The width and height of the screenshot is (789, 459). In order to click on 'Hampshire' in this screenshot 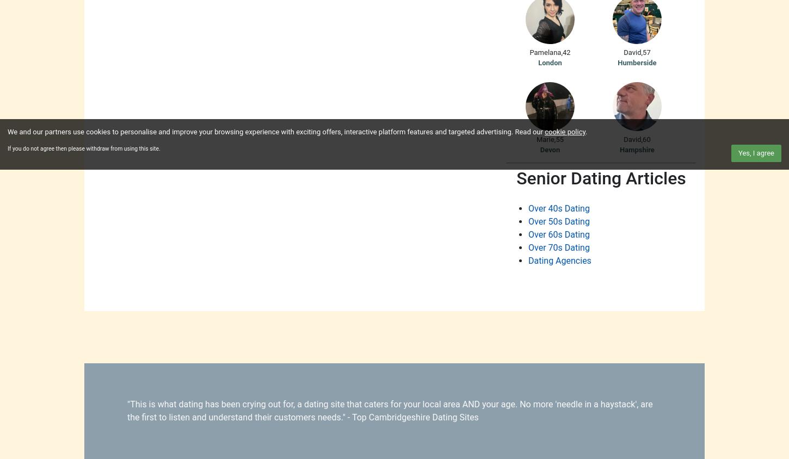, I will do `click(636, 149)`.